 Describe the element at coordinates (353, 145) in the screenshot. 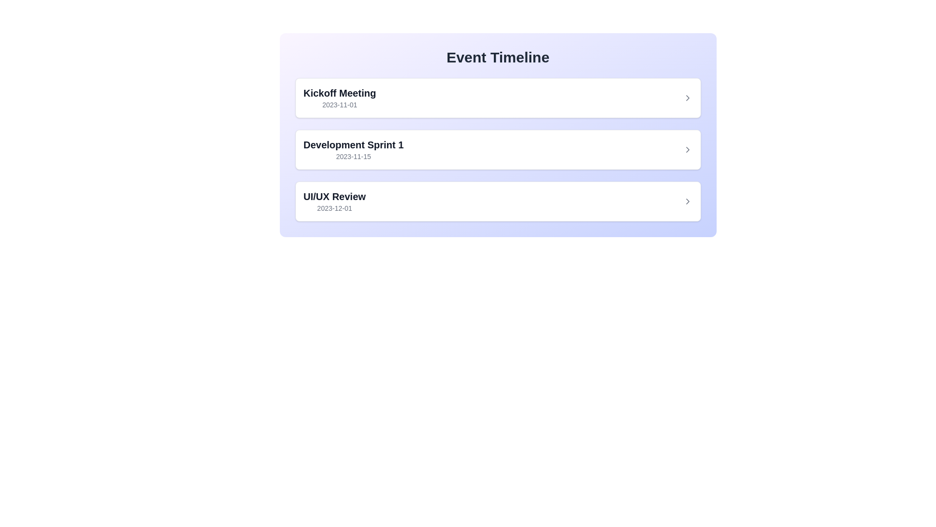

I see `the headline text element that describes the event, located above the date '2023-11-15' and below the 'Kickoff Meeting' entry in the event timeline` at that location.